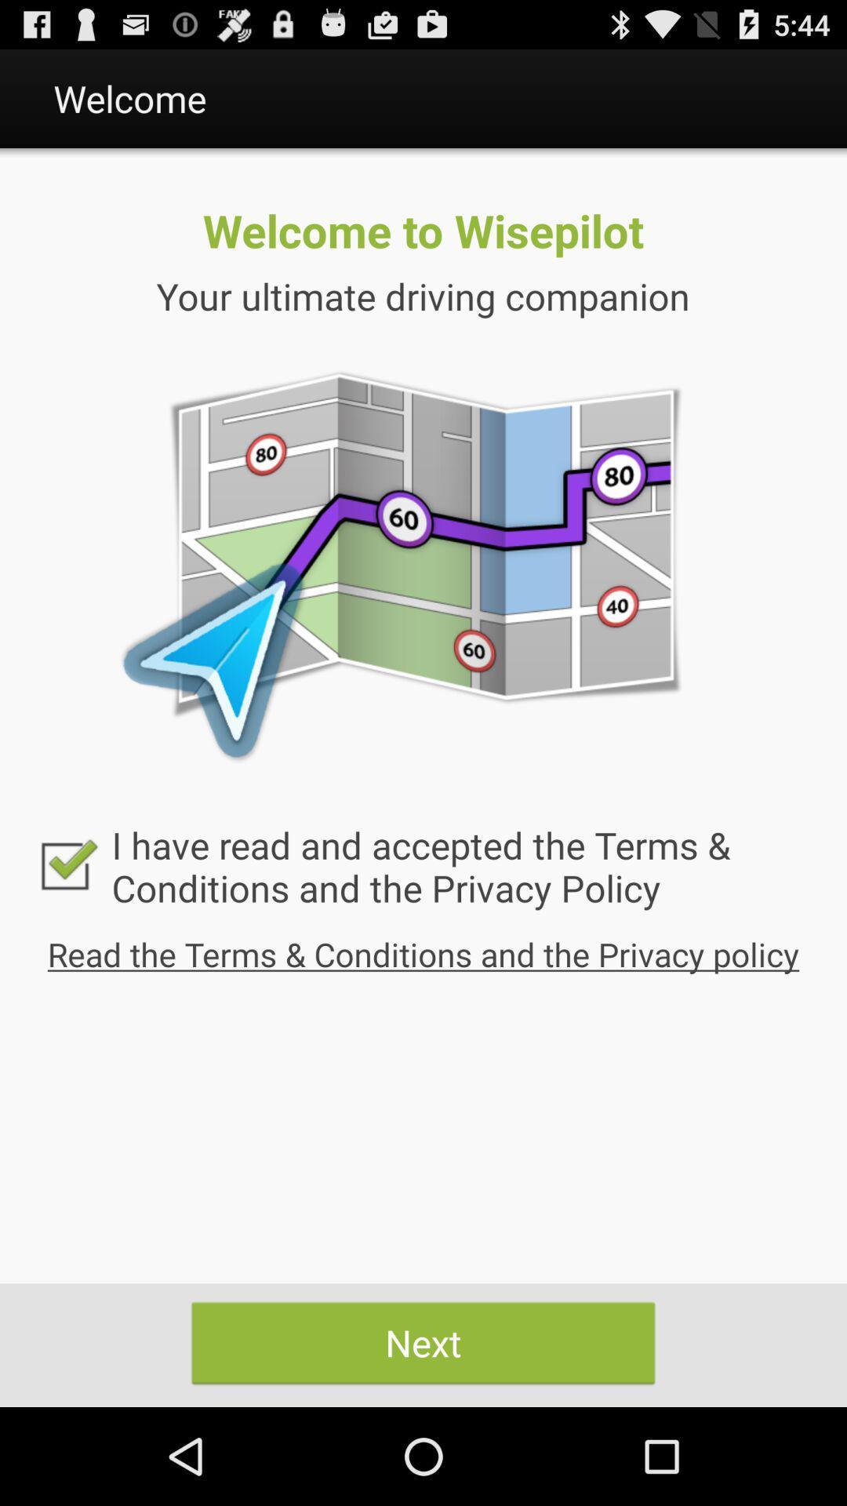  I want to click on app above read the terms, so click(423, 865).